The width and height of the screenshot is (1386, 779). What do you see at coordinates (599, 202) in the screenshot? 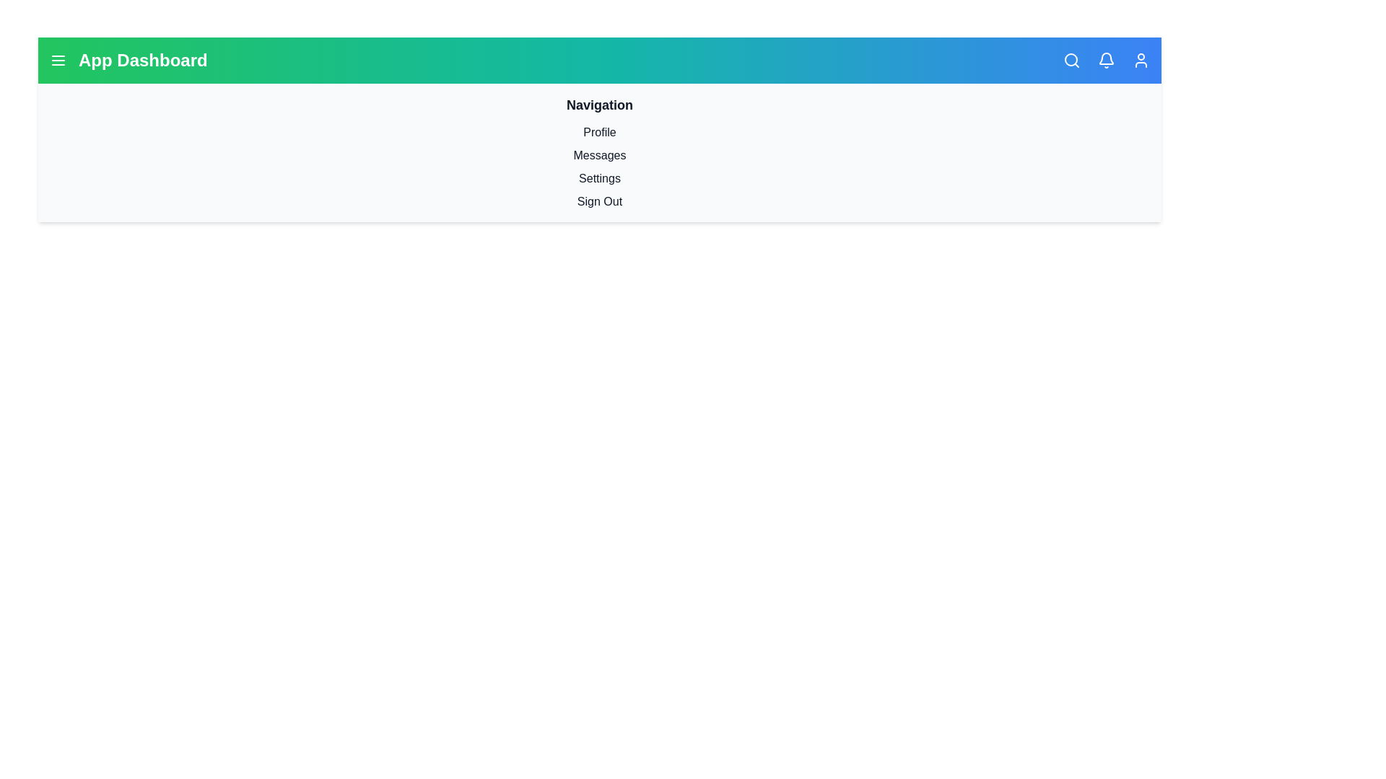
I see `the menu item Sign Out to observe its hover effect` at bounding box center [599, 202].